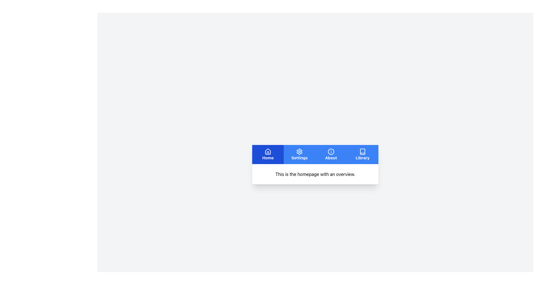 This screenshot has width=541, height=304. Describe the element at coordinates (267, 151) in the screenshot. I see `the 'Home' icon located in the navigation bar at the top of the interface` at that location.